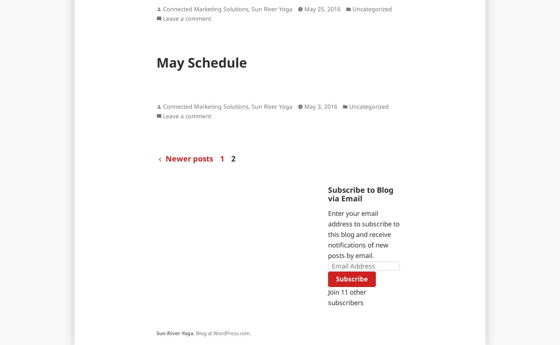  I want to click on 'Subscribe', so click(336, 279).